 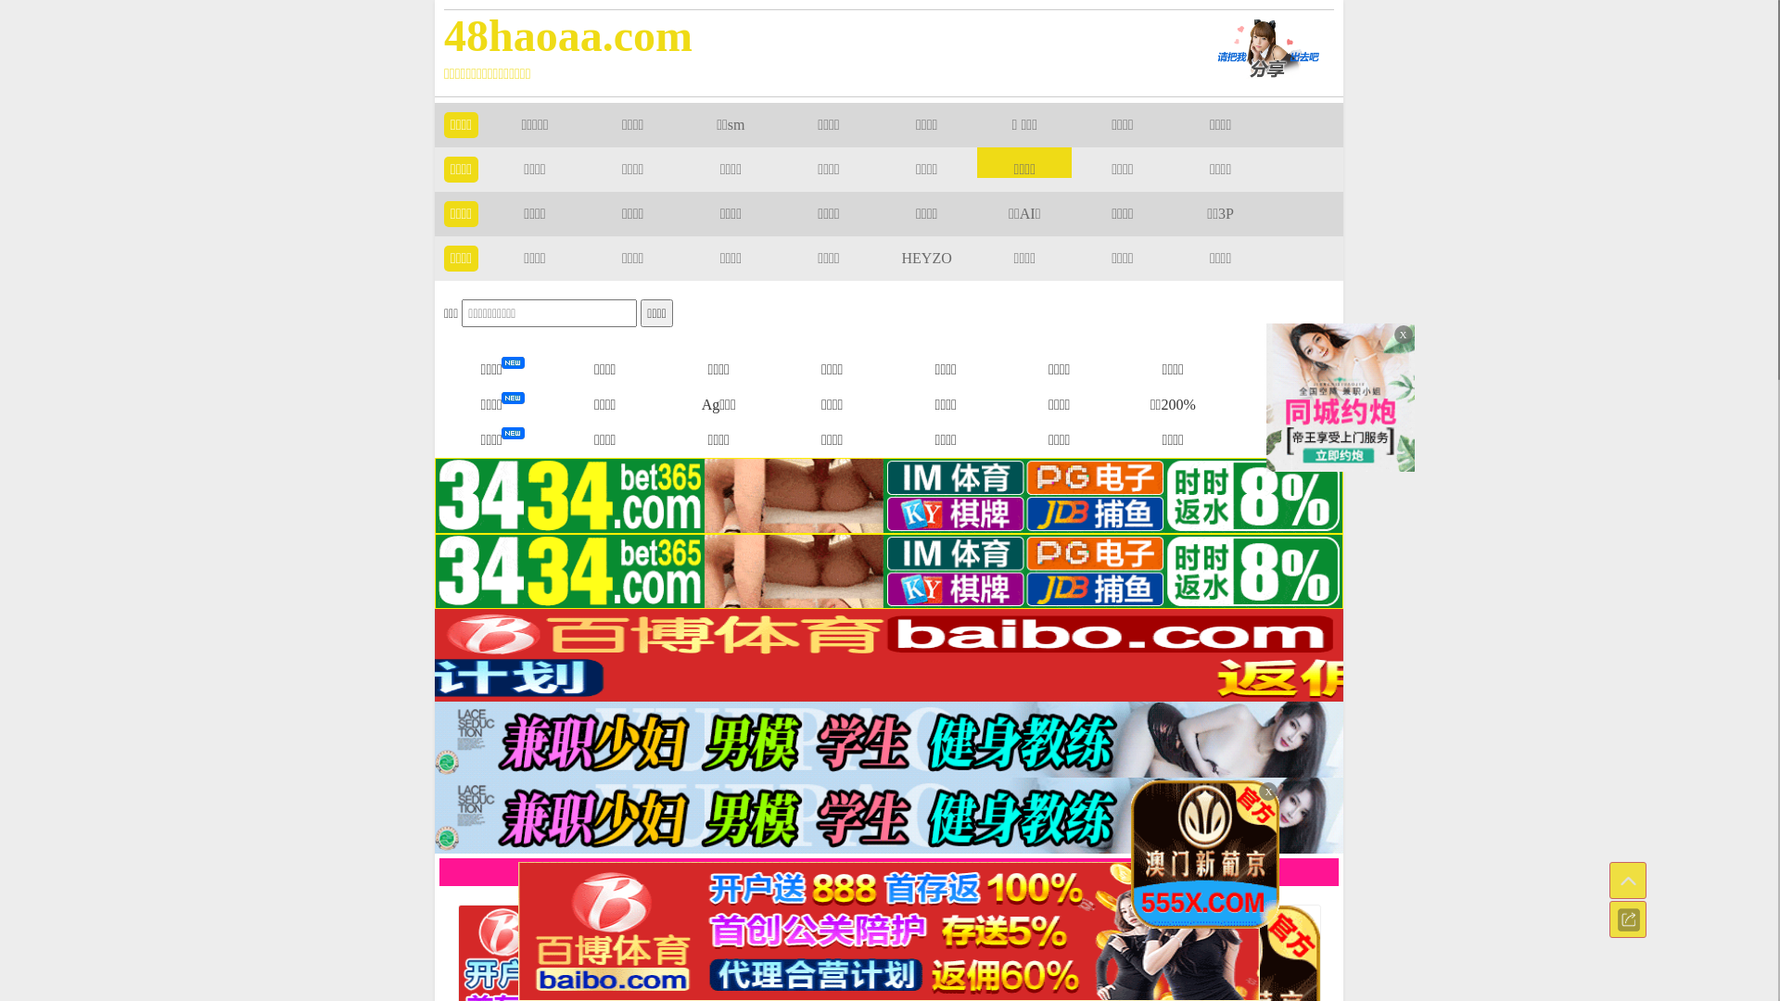 I want to click on 'HEYZO', so click(x=902, y=258).